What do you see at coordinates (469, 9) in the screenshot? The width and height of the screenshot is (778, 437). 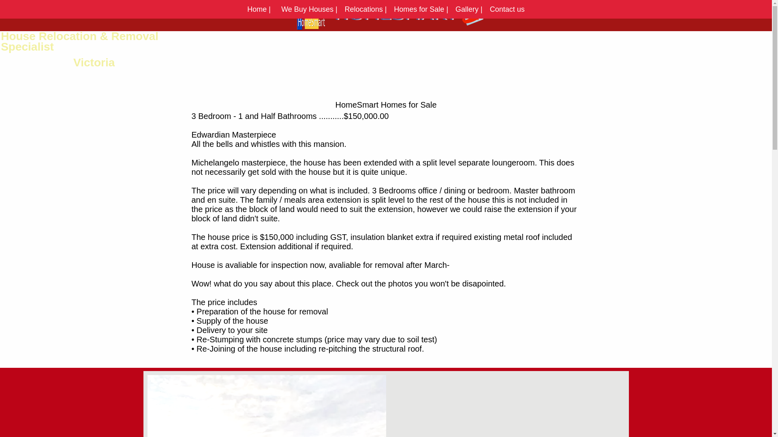 I see `'Gallery |'` at bounding box center [469, 9].